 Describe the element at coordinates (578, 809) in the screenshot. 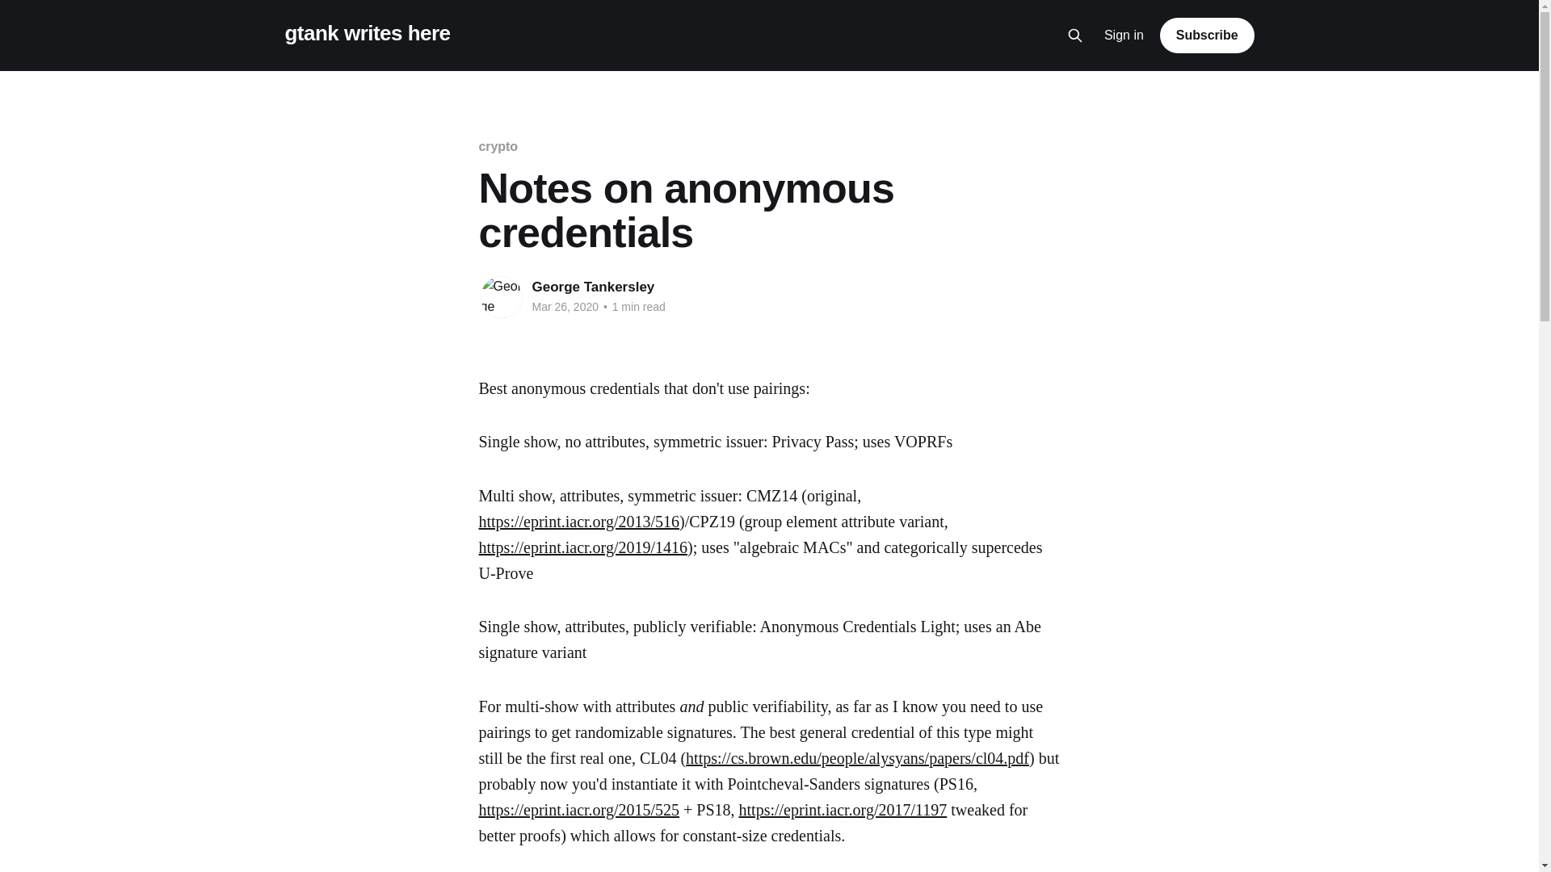

I see `'https://eprint.iacr.org/2015/525'` at that location.